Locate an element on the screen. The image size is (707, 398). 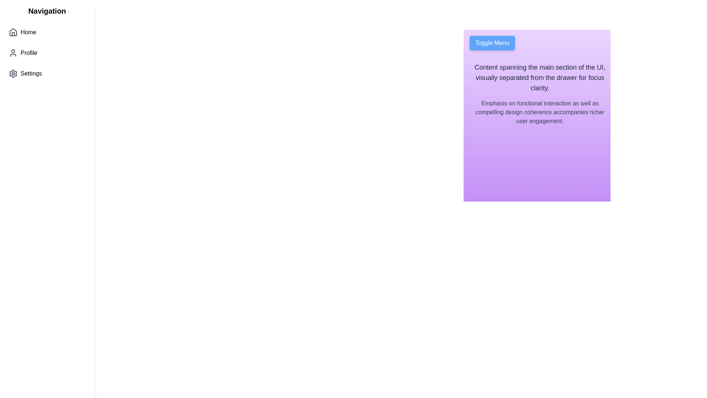
the Navigation Menu items labeled 'Home', 'Profile', and 'Settings' is located at coordinates (47, 52).